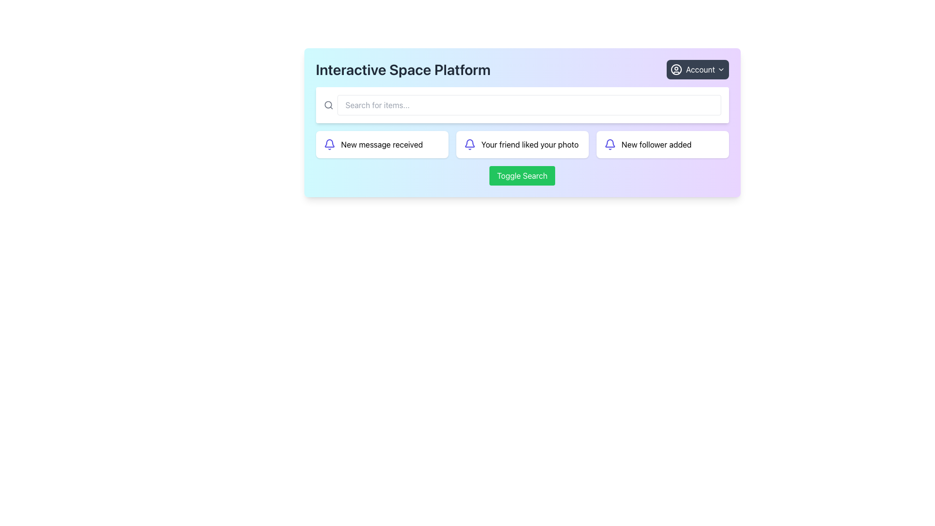  I want to click on the circular portion of the magnifying glass icon, which represents the search functionality within the user interface, located to the left of the search input field, so click(328, 105).